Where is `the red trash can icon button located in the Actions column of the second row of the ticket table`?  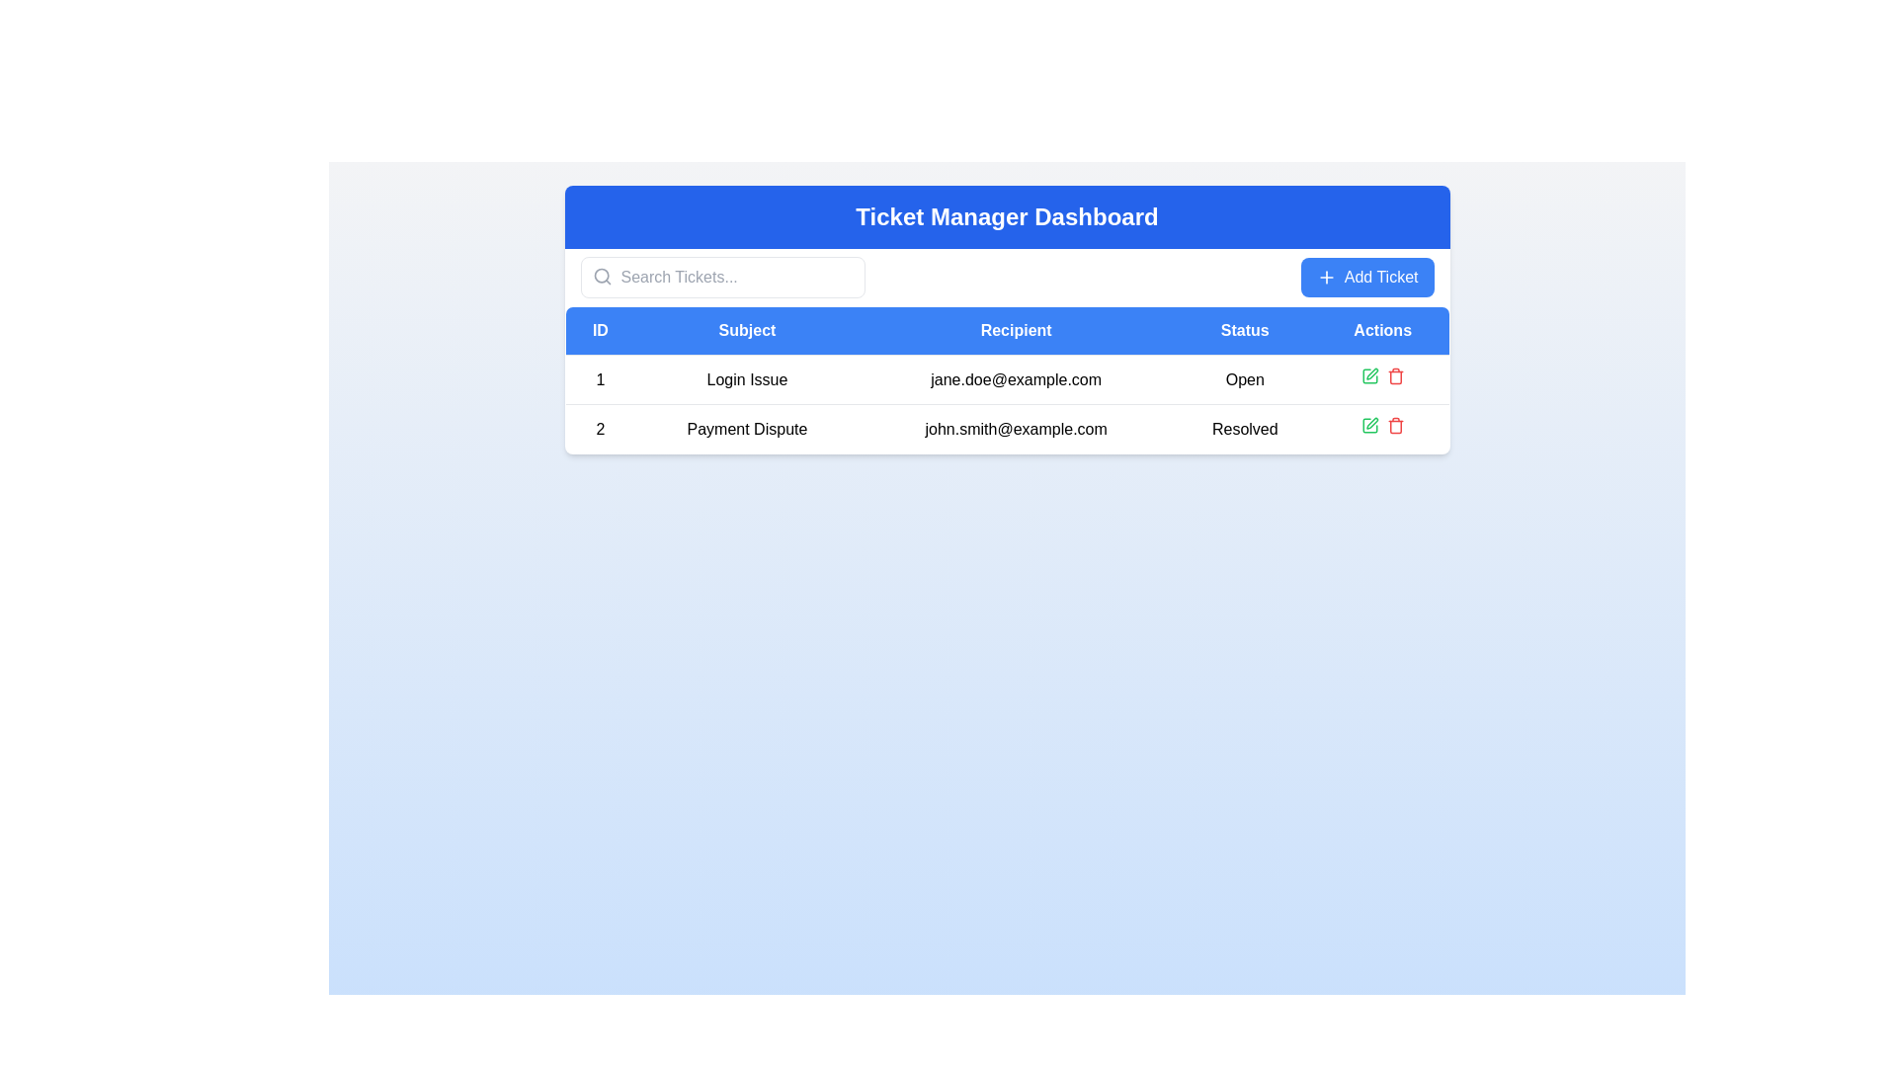
the red trash can icon button located in the Actions column of the second row of the ticket table is located at coordinates (1394, 425).